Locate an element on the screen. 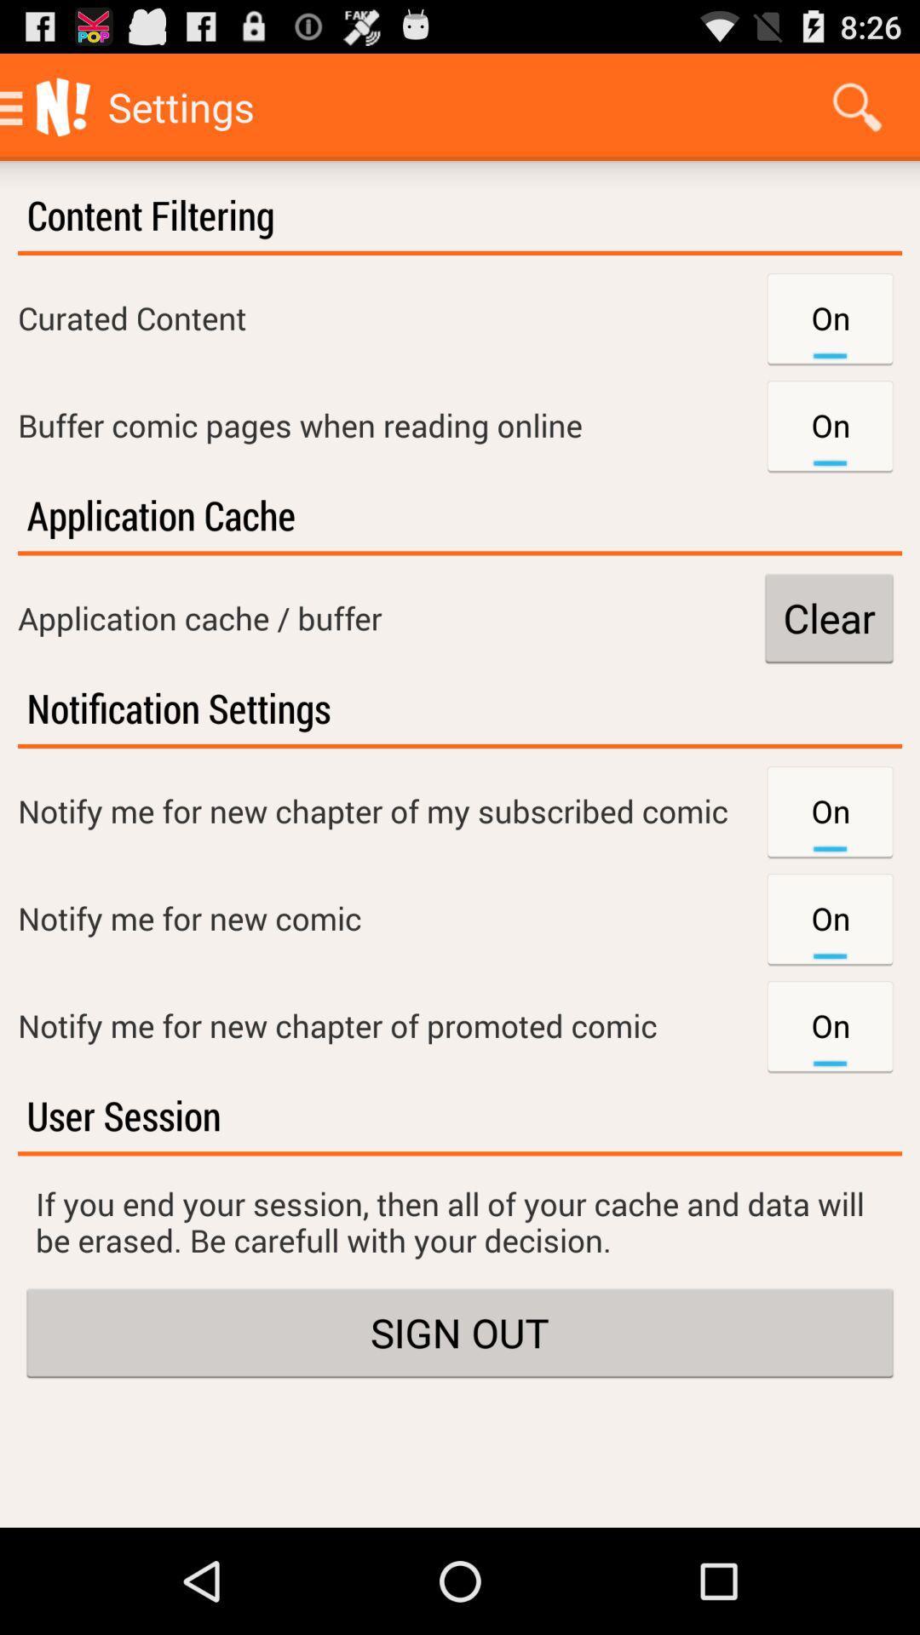 The height and width of the screenshot is (1635, 920). sign out icon is located at coordinates (460, 1332).